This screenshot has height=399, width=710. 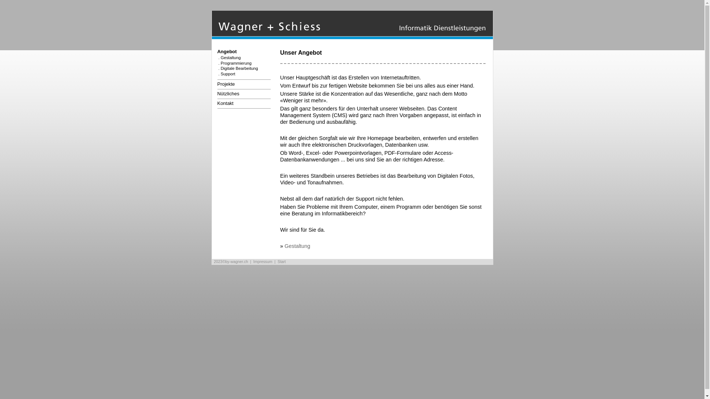 I want to click on 'Start', so click(x=277, y=261).